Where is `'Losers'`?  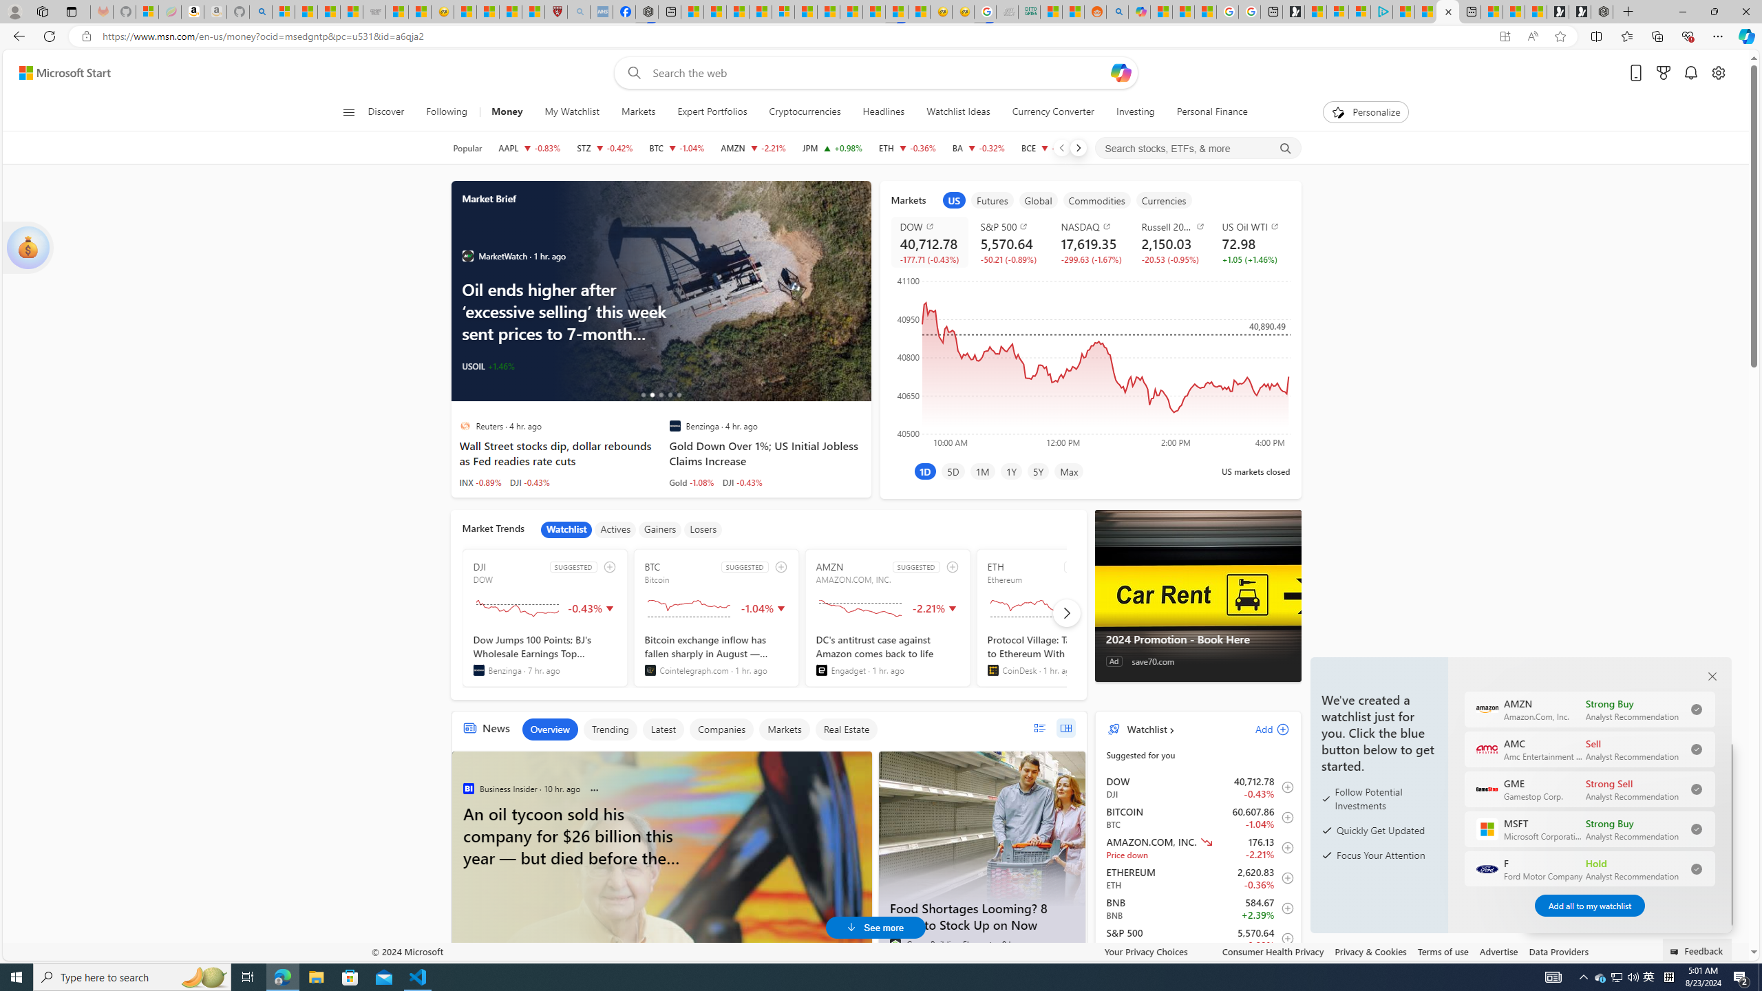
'Losers' is located at coordinates (702, 529).